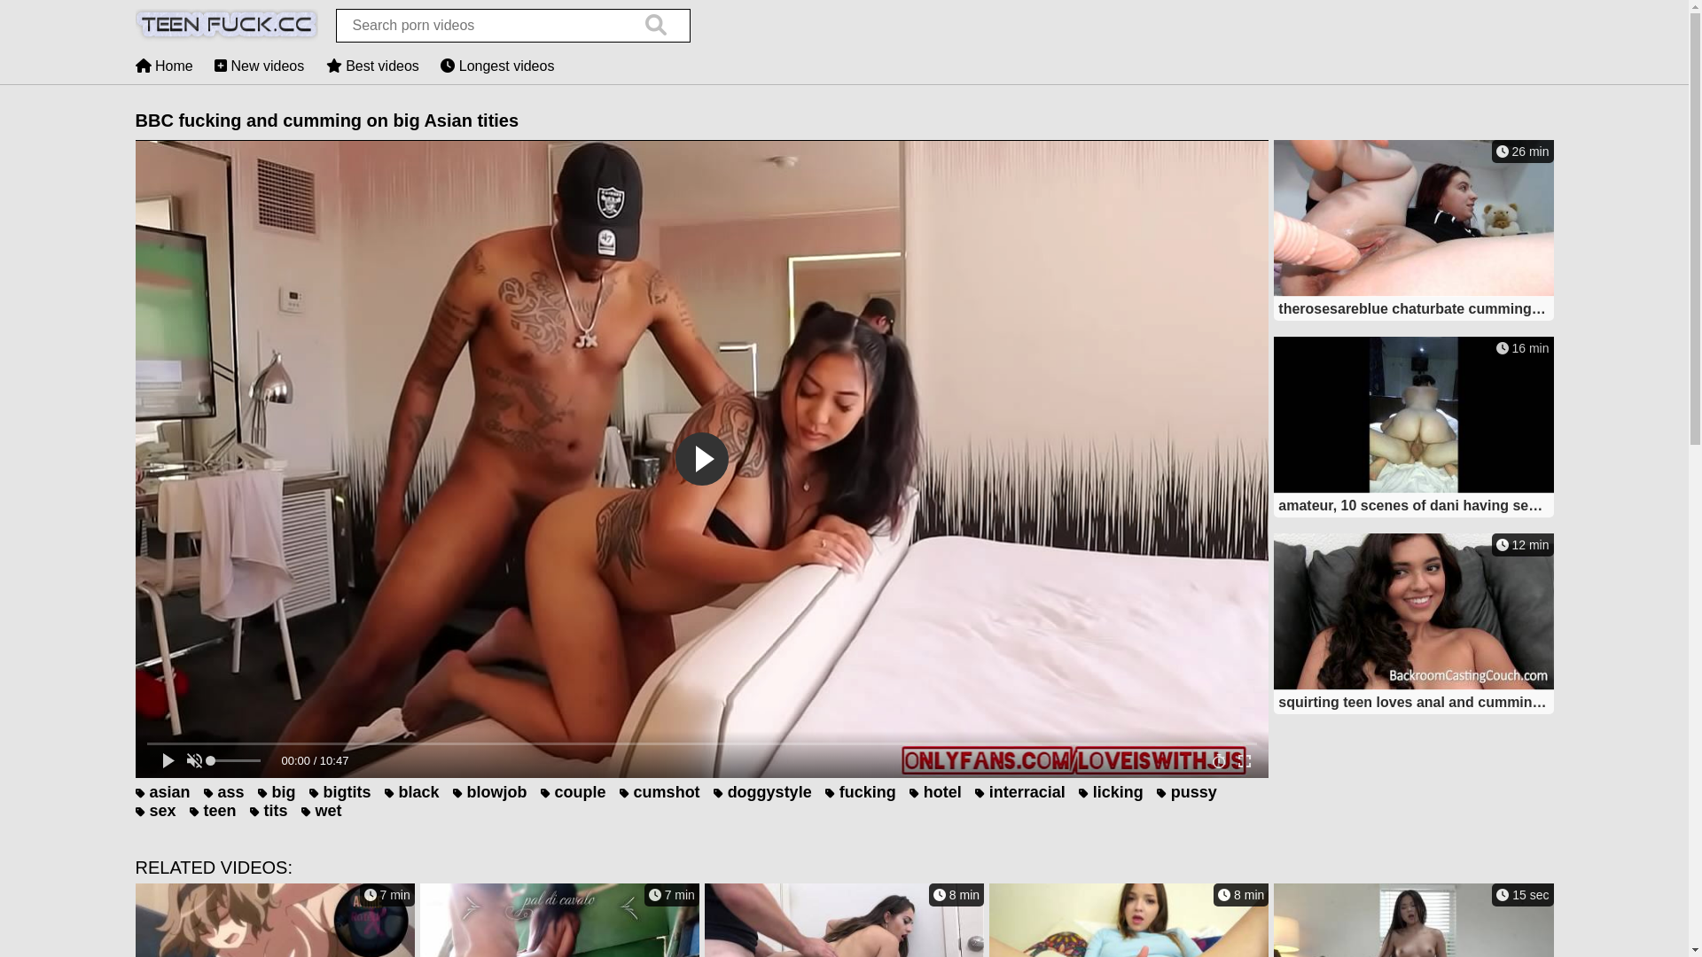  What do you see at coordinates (161, 791) in the screenshot?
I see `'asian'` at bounding box center [161, 791].